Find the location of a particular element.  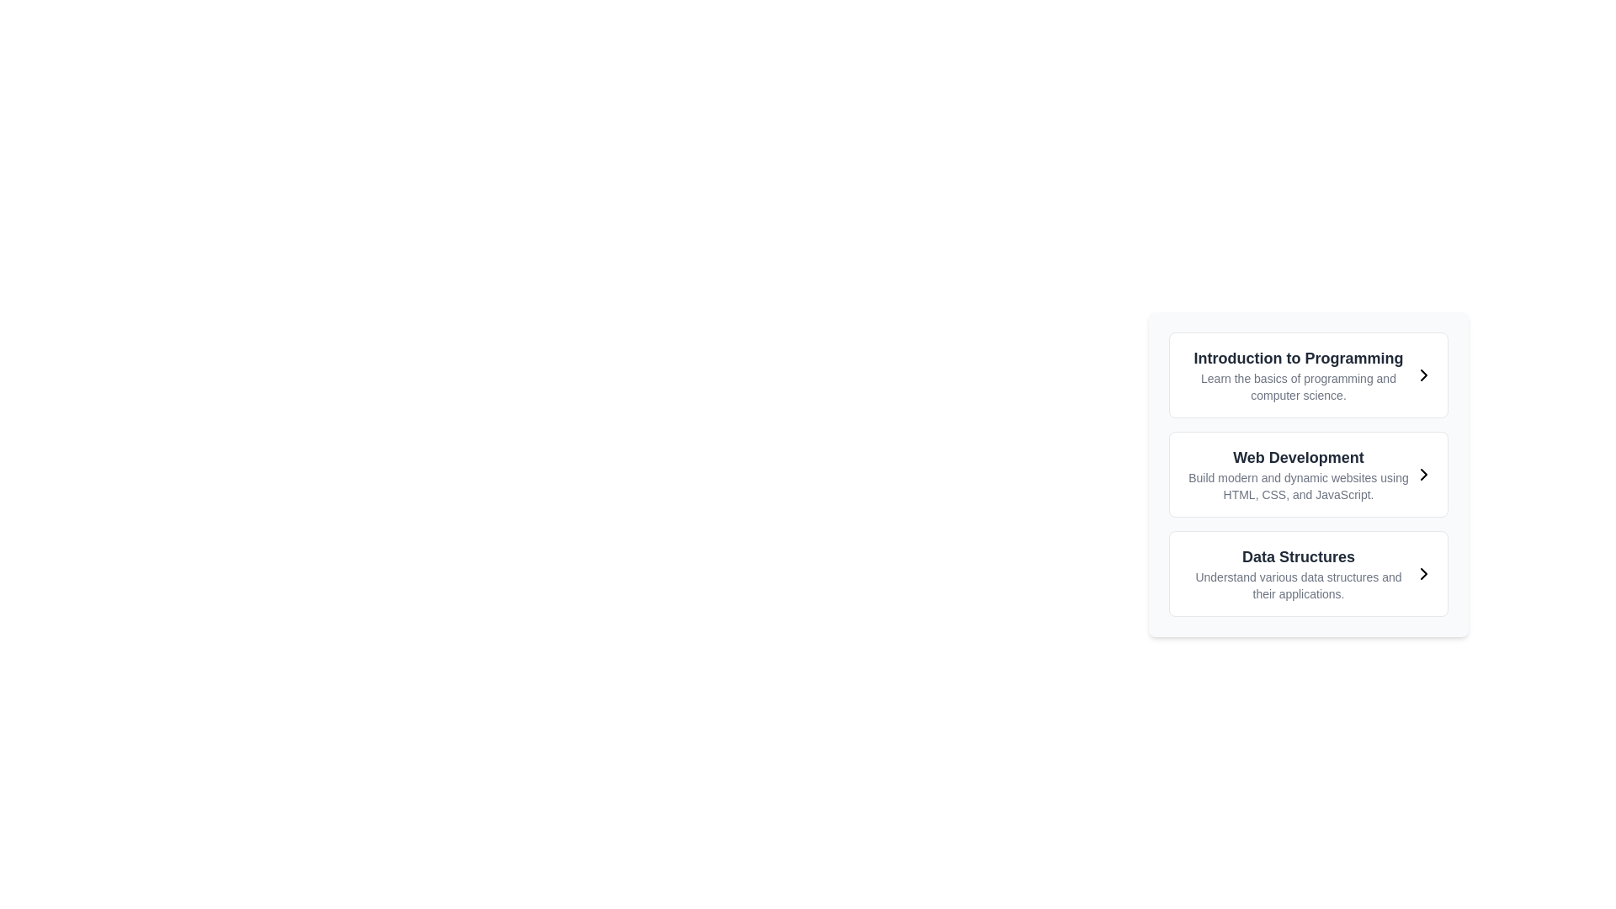

the static text block that provides additional information about the 'Introduction to Programming' section, which is located below the bold title is located at coordinates (1297, 386).